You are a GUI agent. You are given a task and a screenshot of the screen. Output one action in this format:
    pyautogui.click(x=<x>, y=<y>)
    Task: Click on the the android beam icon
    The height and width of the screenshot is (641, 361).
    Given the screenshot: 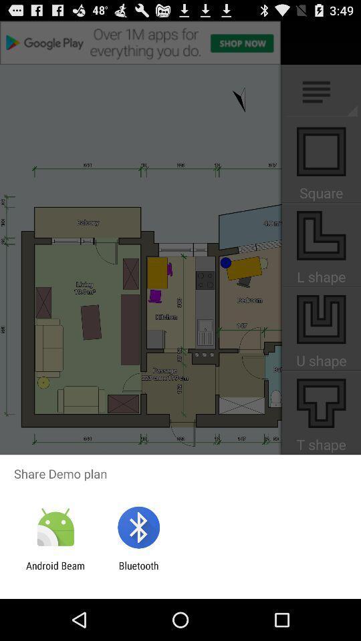 What is the action you would take?
    pyautogui.click(x=55, y=571)
    